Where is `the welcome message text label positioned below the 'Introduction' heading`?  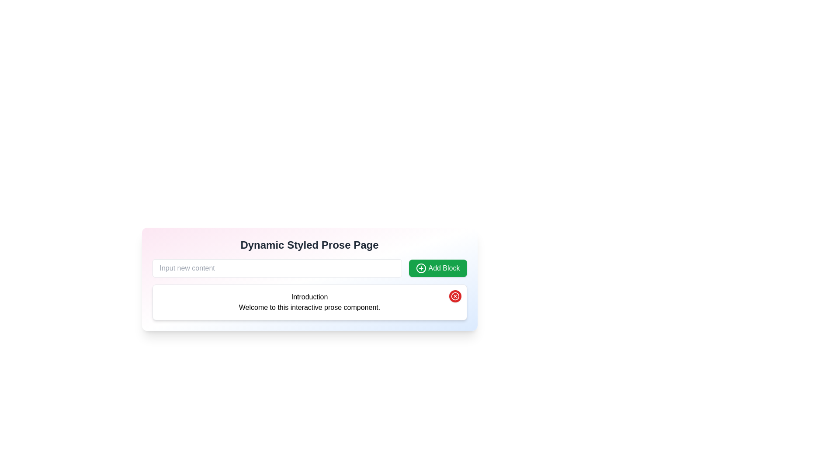 the welcome message text label positioned below the 'Introduction' heading is located at coordinates (309, 307).